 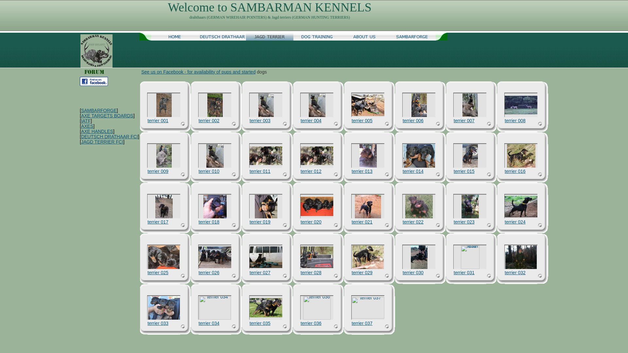 What do you see at coordinates (208, 323) in the screenshot?
I see `'terrier 034'` at bounding box center [208, 323].